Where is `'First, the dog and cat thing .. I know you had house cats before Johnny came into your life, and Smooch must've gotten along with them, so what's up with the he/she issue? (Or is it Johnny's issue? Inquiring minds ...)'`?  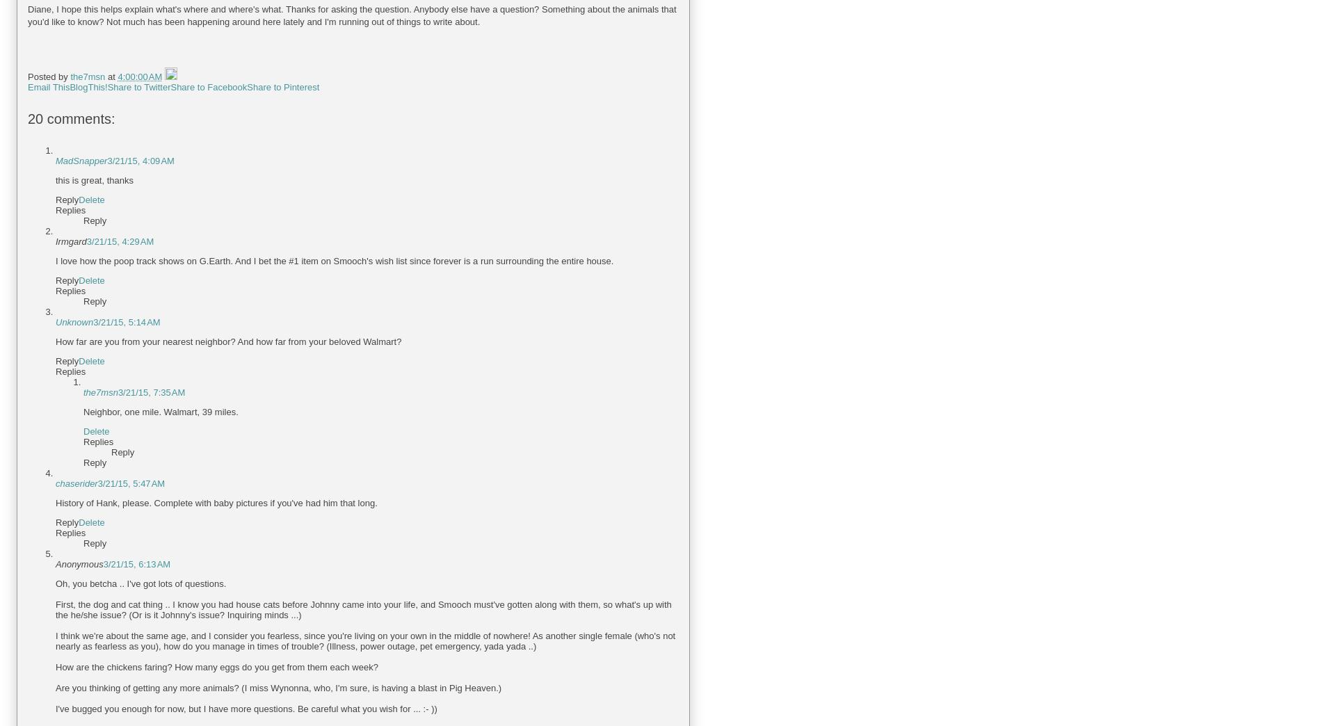
'First, the dog and cat thing .. I know you had house cats before Johnny came into your life, and Smooch must've gotten along with them, so what's up with the he/she issue? (Or is it Johnny's issue? Inquiring minds ...)' is located at coordinates (362, 609).